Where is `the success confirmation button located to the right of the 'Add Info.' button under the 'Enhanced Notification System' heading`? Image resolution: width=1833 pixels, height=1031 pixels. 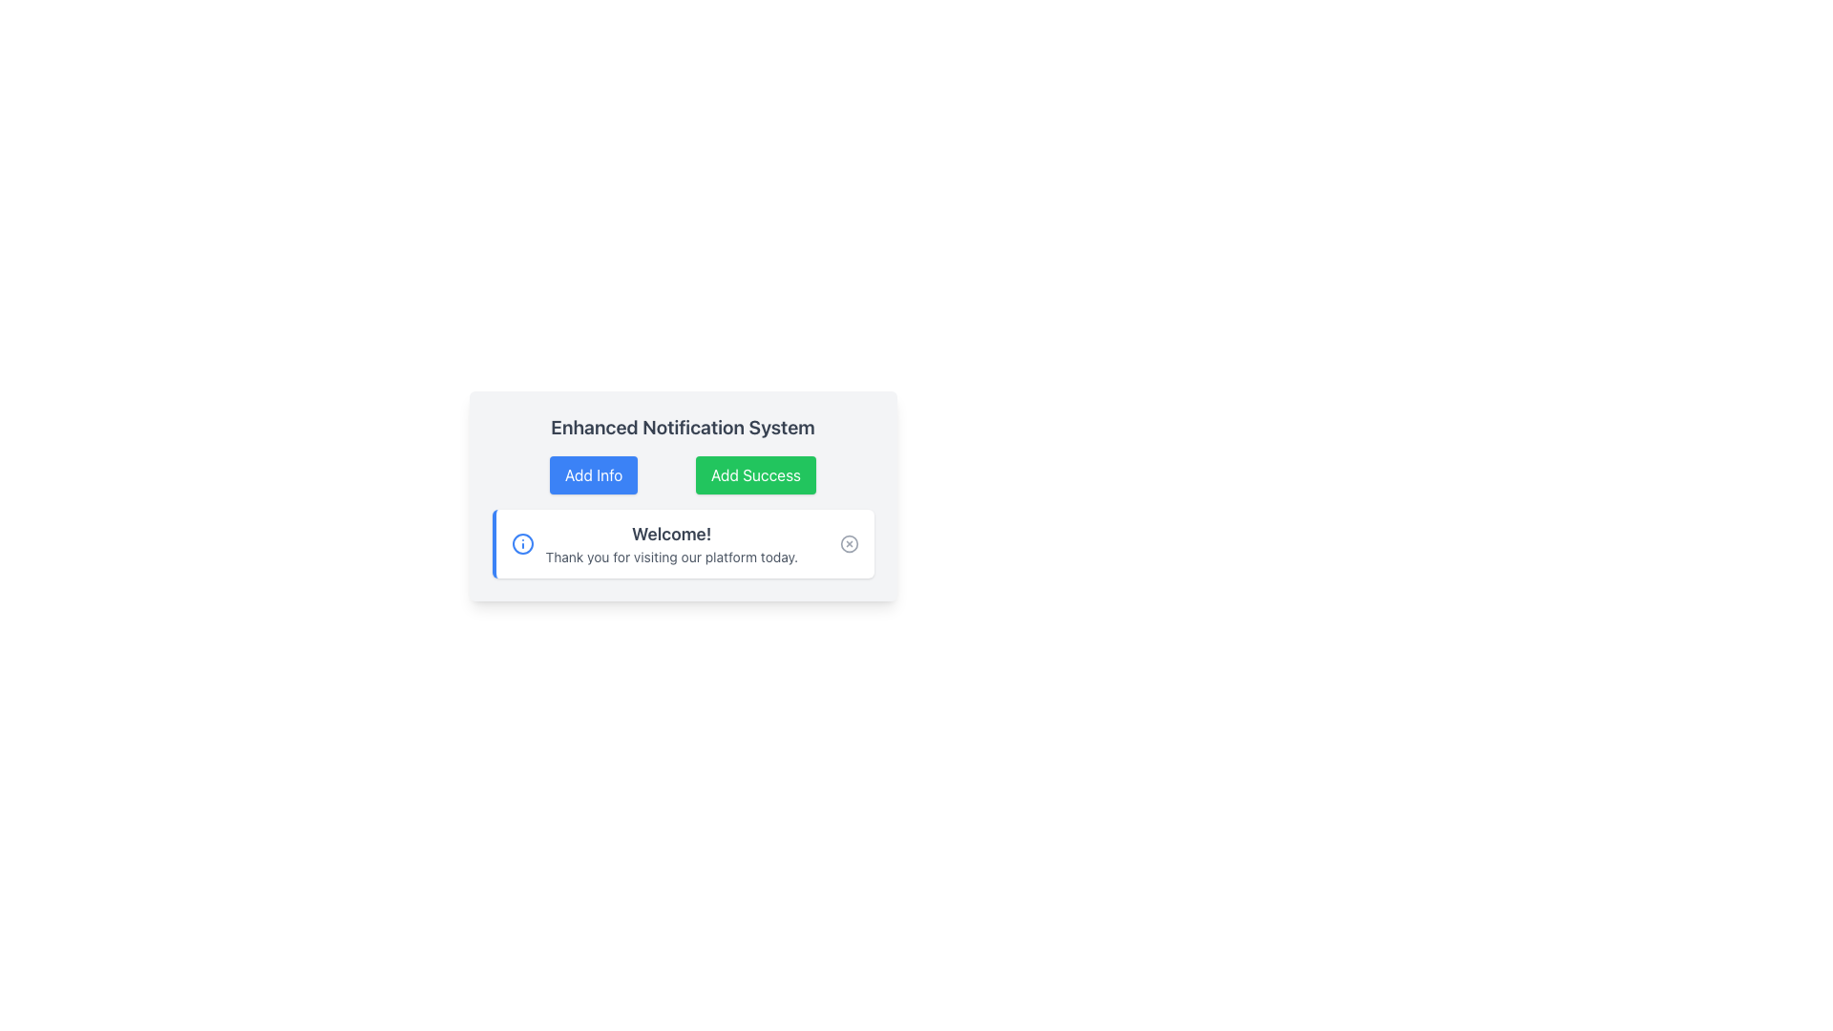
the success confirmation button located to the right of the 'Add Info.' button under the 'Enhanced Notification System' heading is located at coordinates (755, 473).